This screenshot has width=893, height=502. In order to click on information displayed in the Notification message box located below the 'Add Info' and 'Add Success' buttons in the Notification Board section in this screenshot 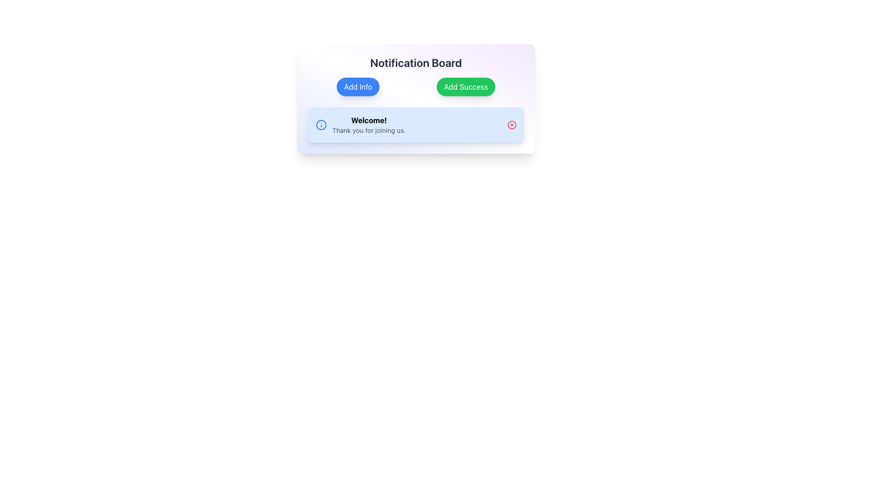, I will do `click(415, 125)`.